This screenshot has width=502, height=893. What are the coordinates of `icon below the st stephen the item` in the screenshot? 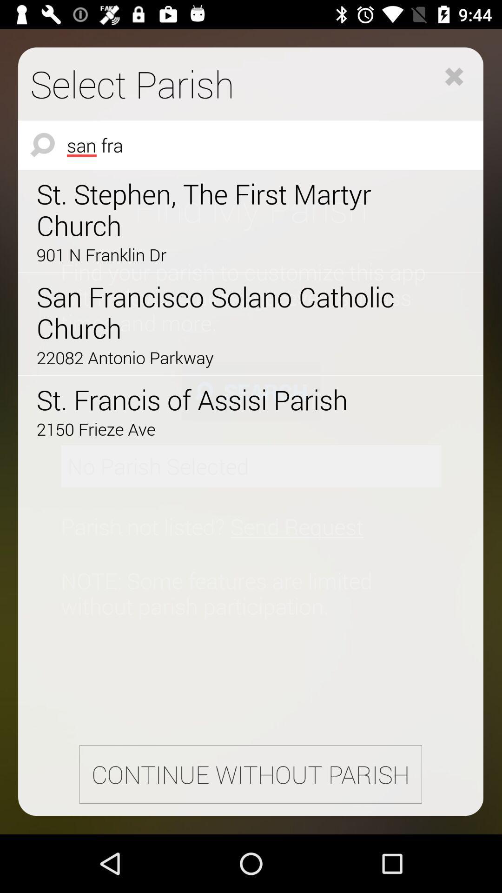 It's located at (225, 254).